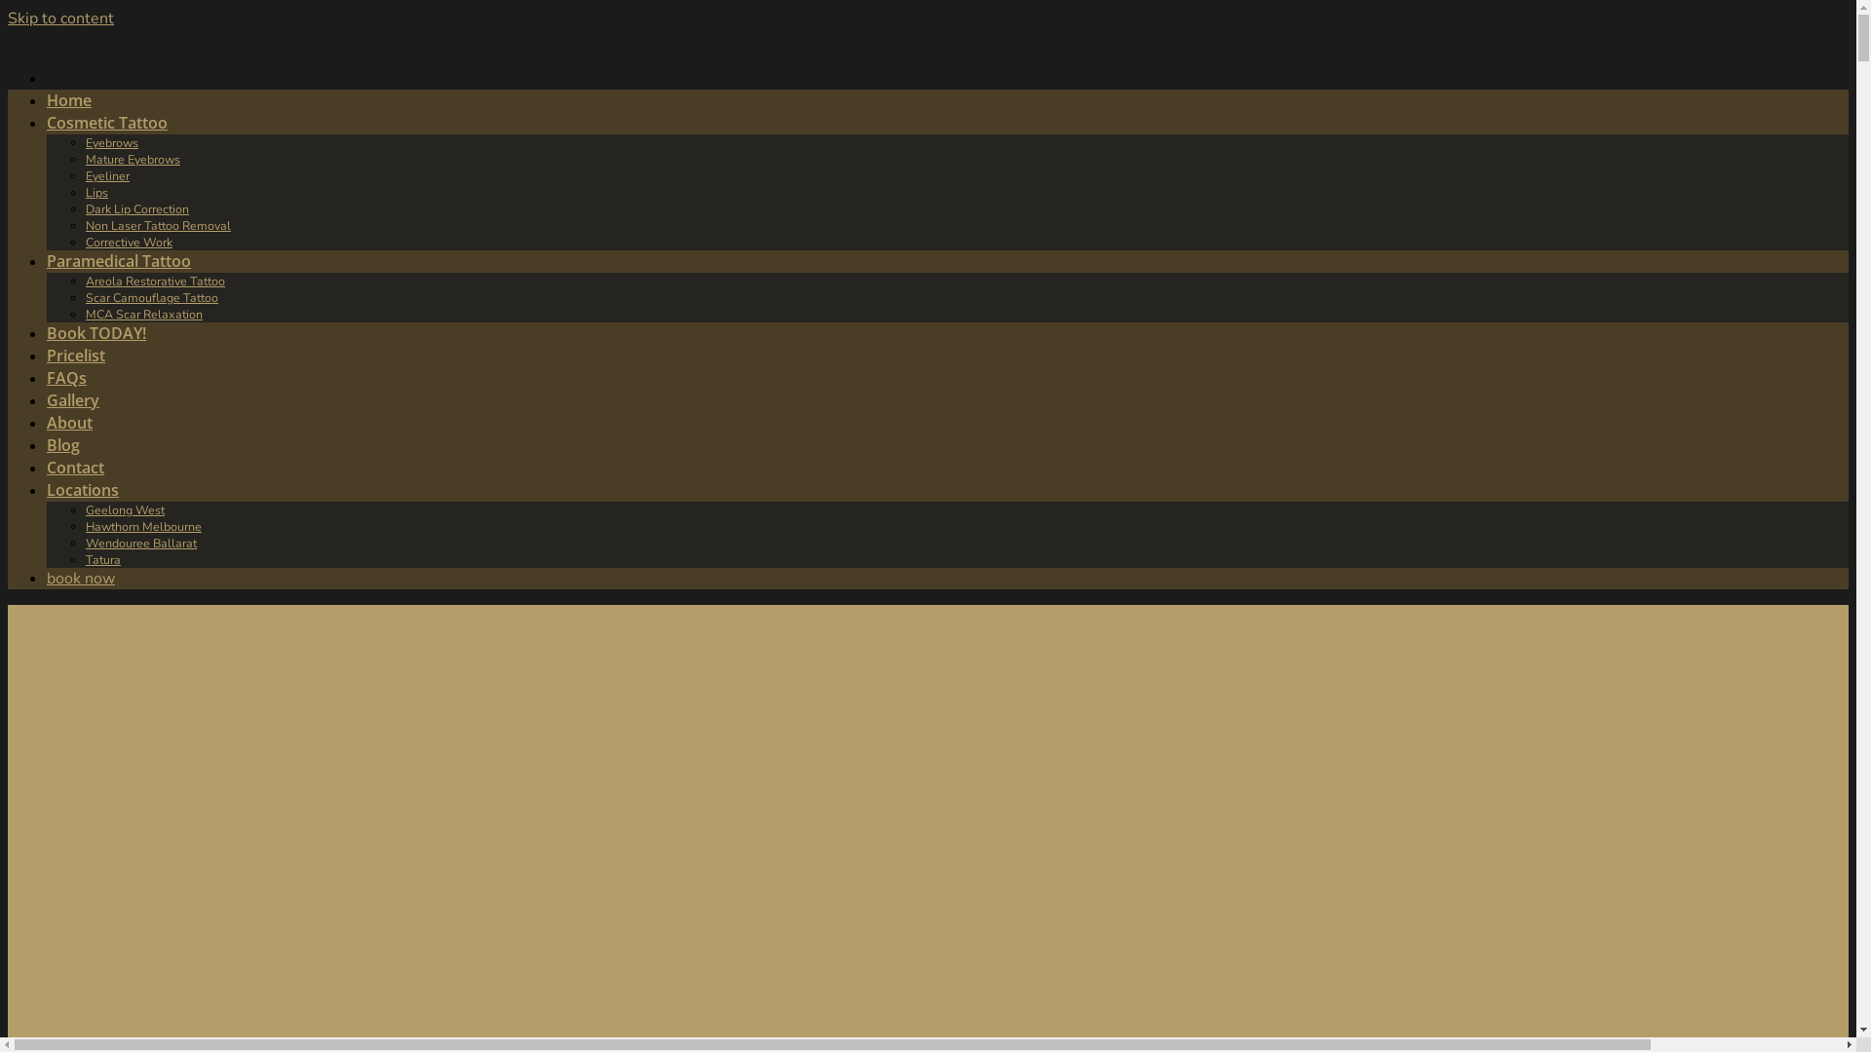  Describe the element at coordinates (151, 297) in the screenshot. I see `'Scar Camouflage Tattoo'` at that location.